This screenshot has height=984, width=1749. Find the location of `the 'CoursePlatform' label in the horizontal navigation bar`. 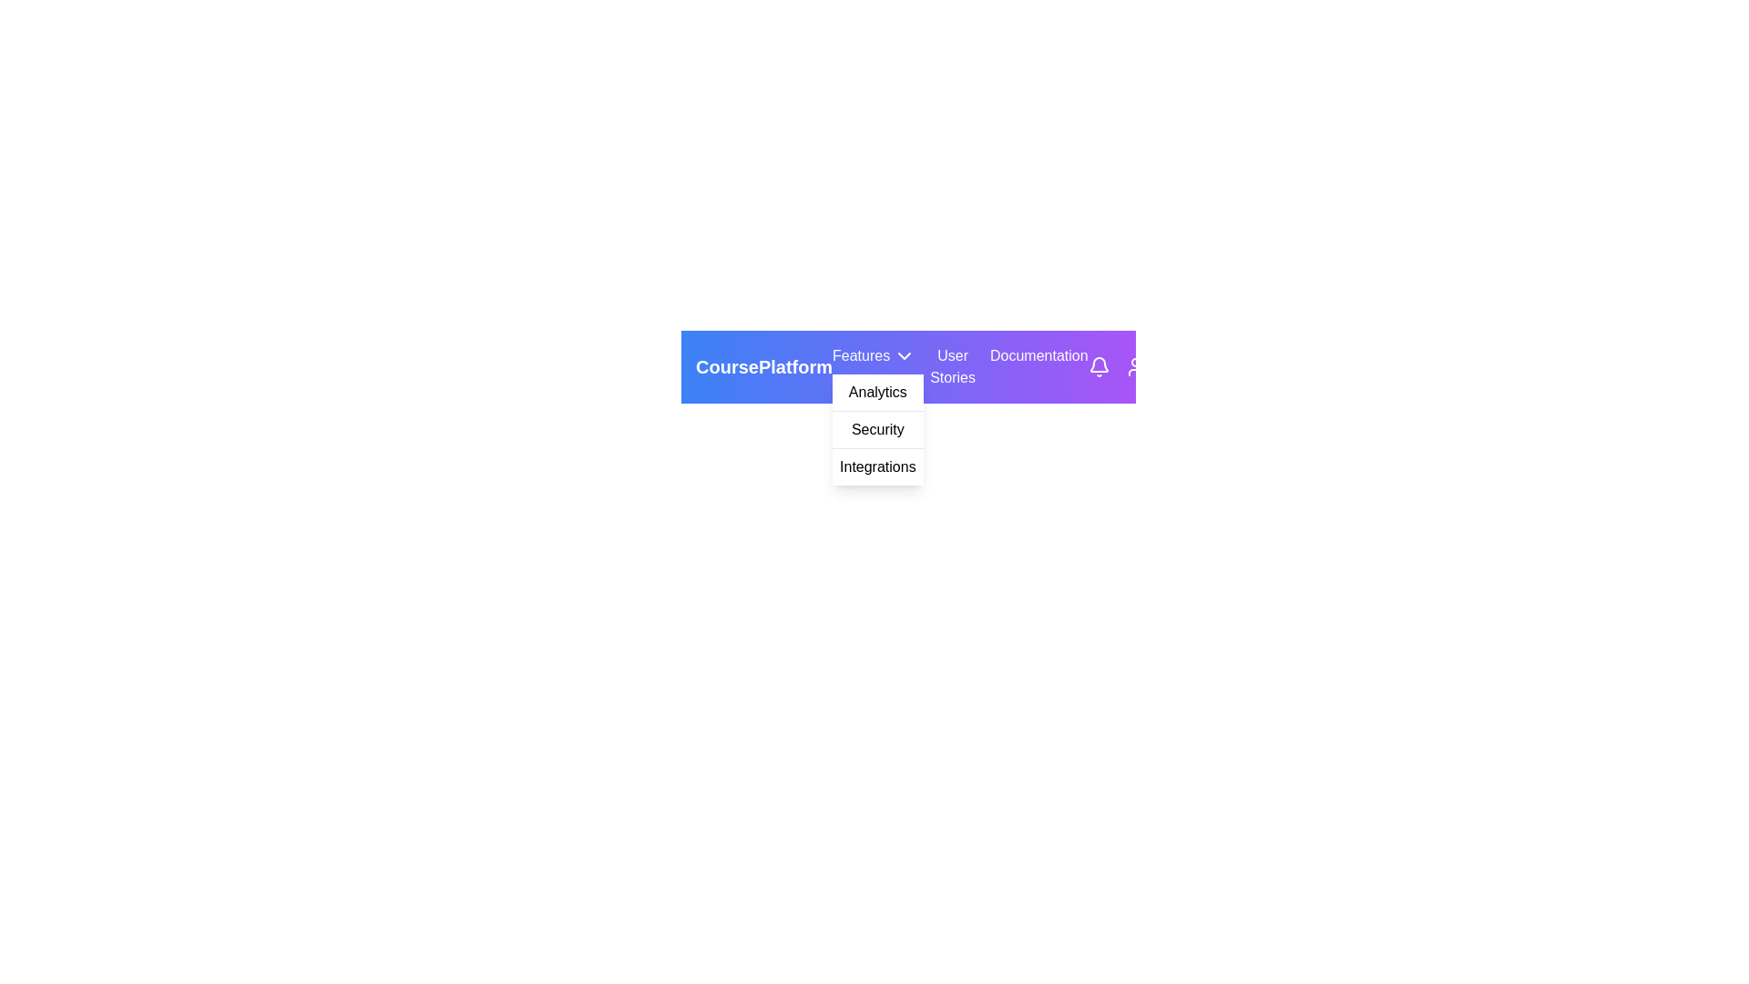

the 'CoursePlatform' label in the horizontal navigation bar is located at coordinates (764, 366).